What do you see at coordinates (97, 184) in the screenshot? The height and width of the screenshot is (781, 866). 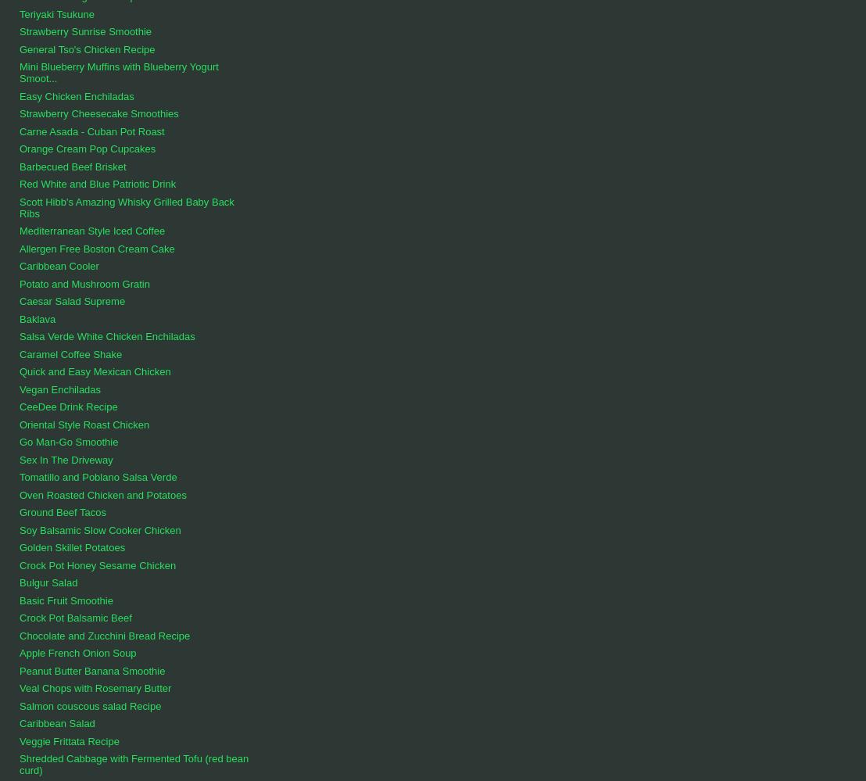 I see `'Red White and Blue Patriotic Drink'` at bounding box center [97, 184].